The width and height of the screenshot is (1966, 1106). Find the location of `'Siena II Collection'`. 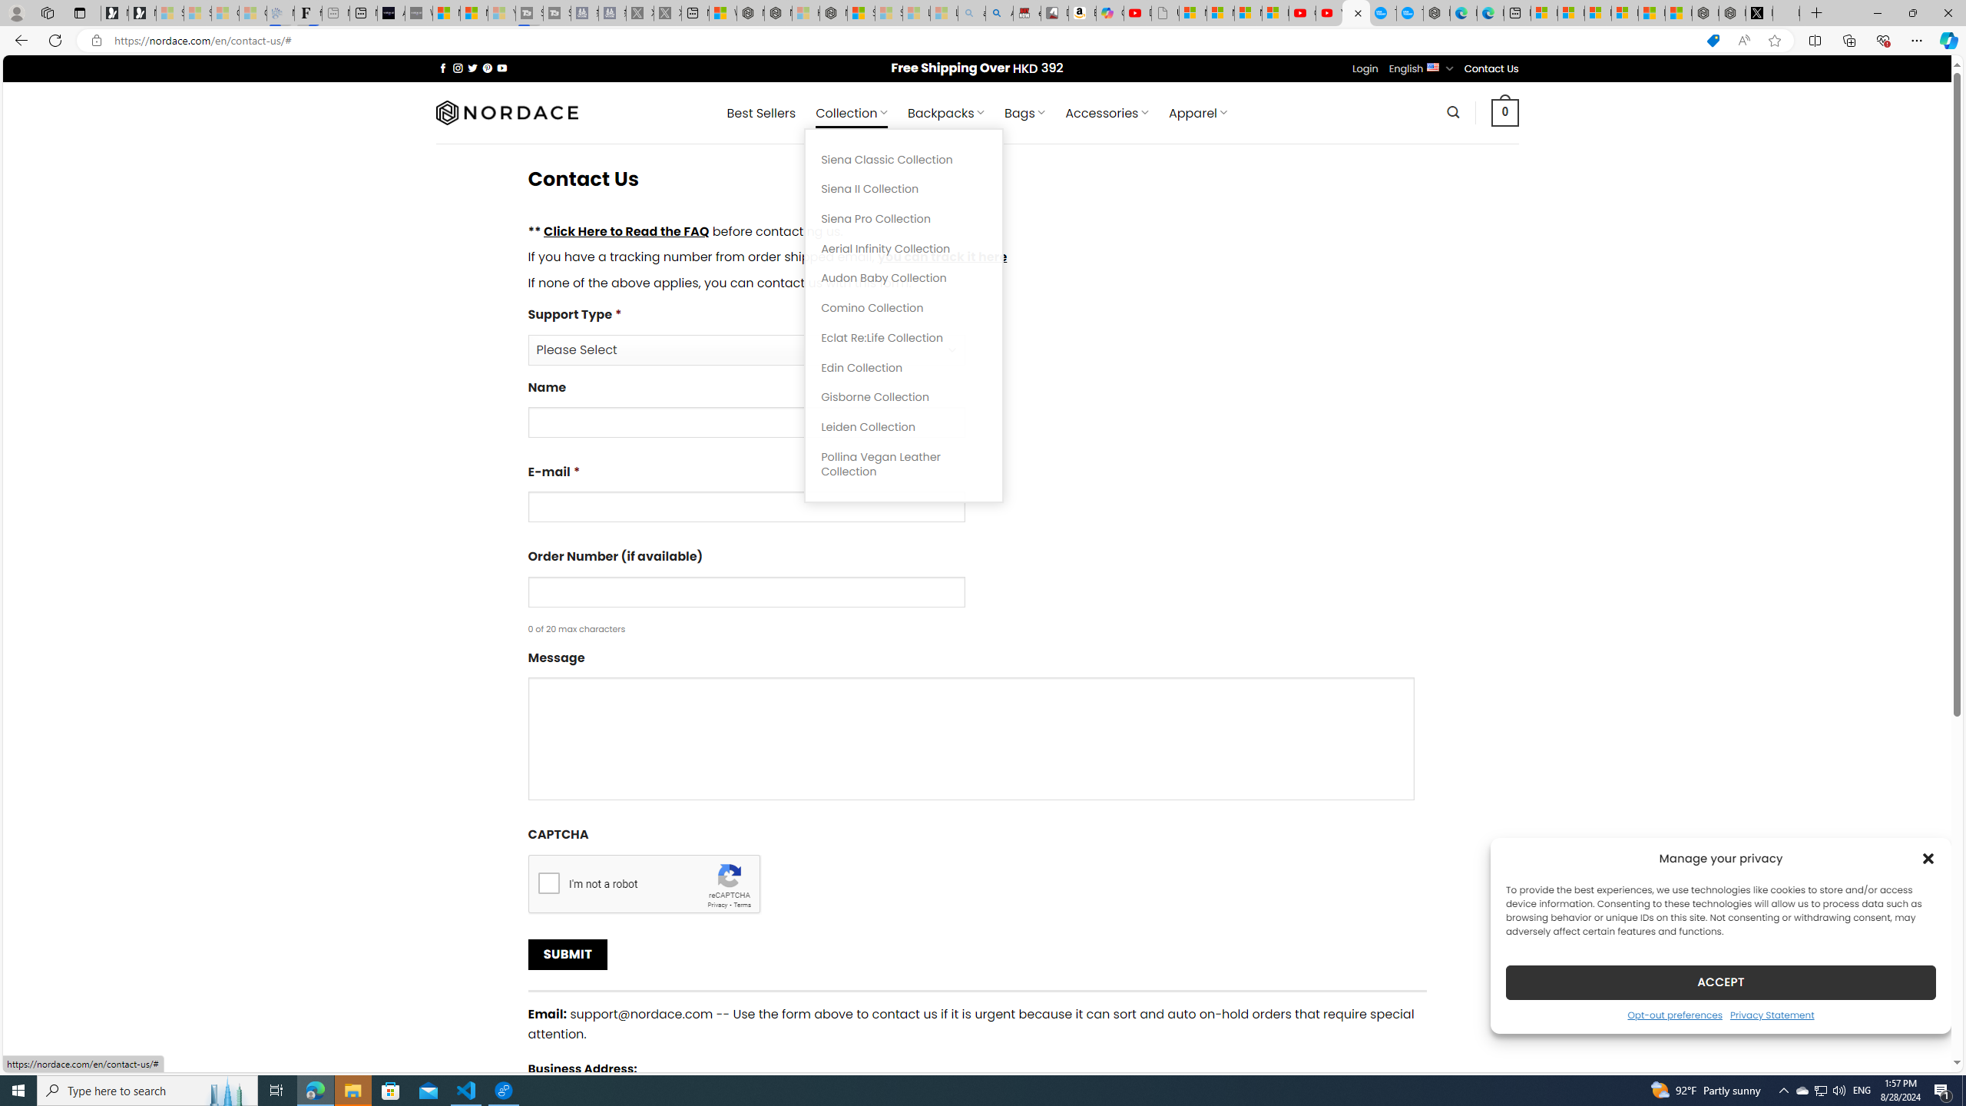

'Siena II Collection' is located at coordinates (904, 188).